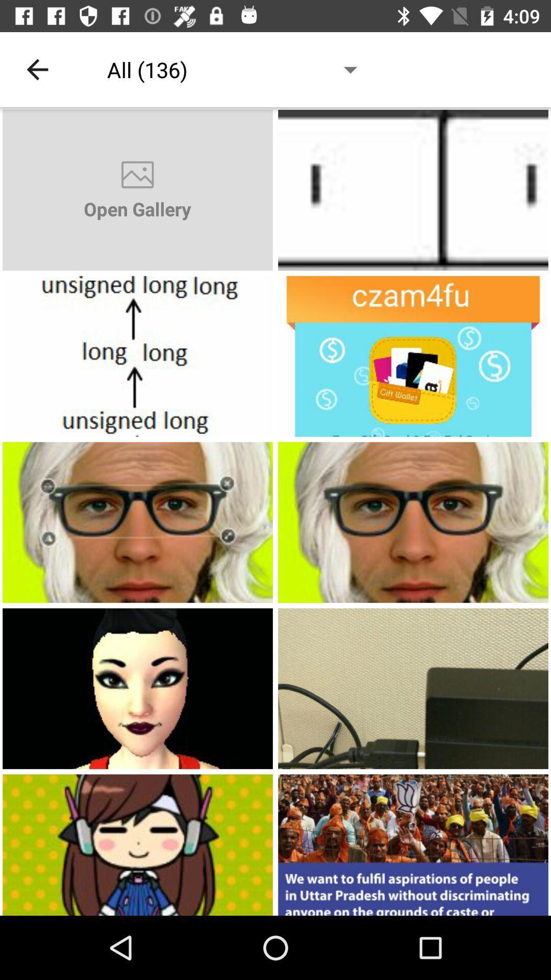 The image size is (551, 980). I want to click on menu opp, so click(413, 356).